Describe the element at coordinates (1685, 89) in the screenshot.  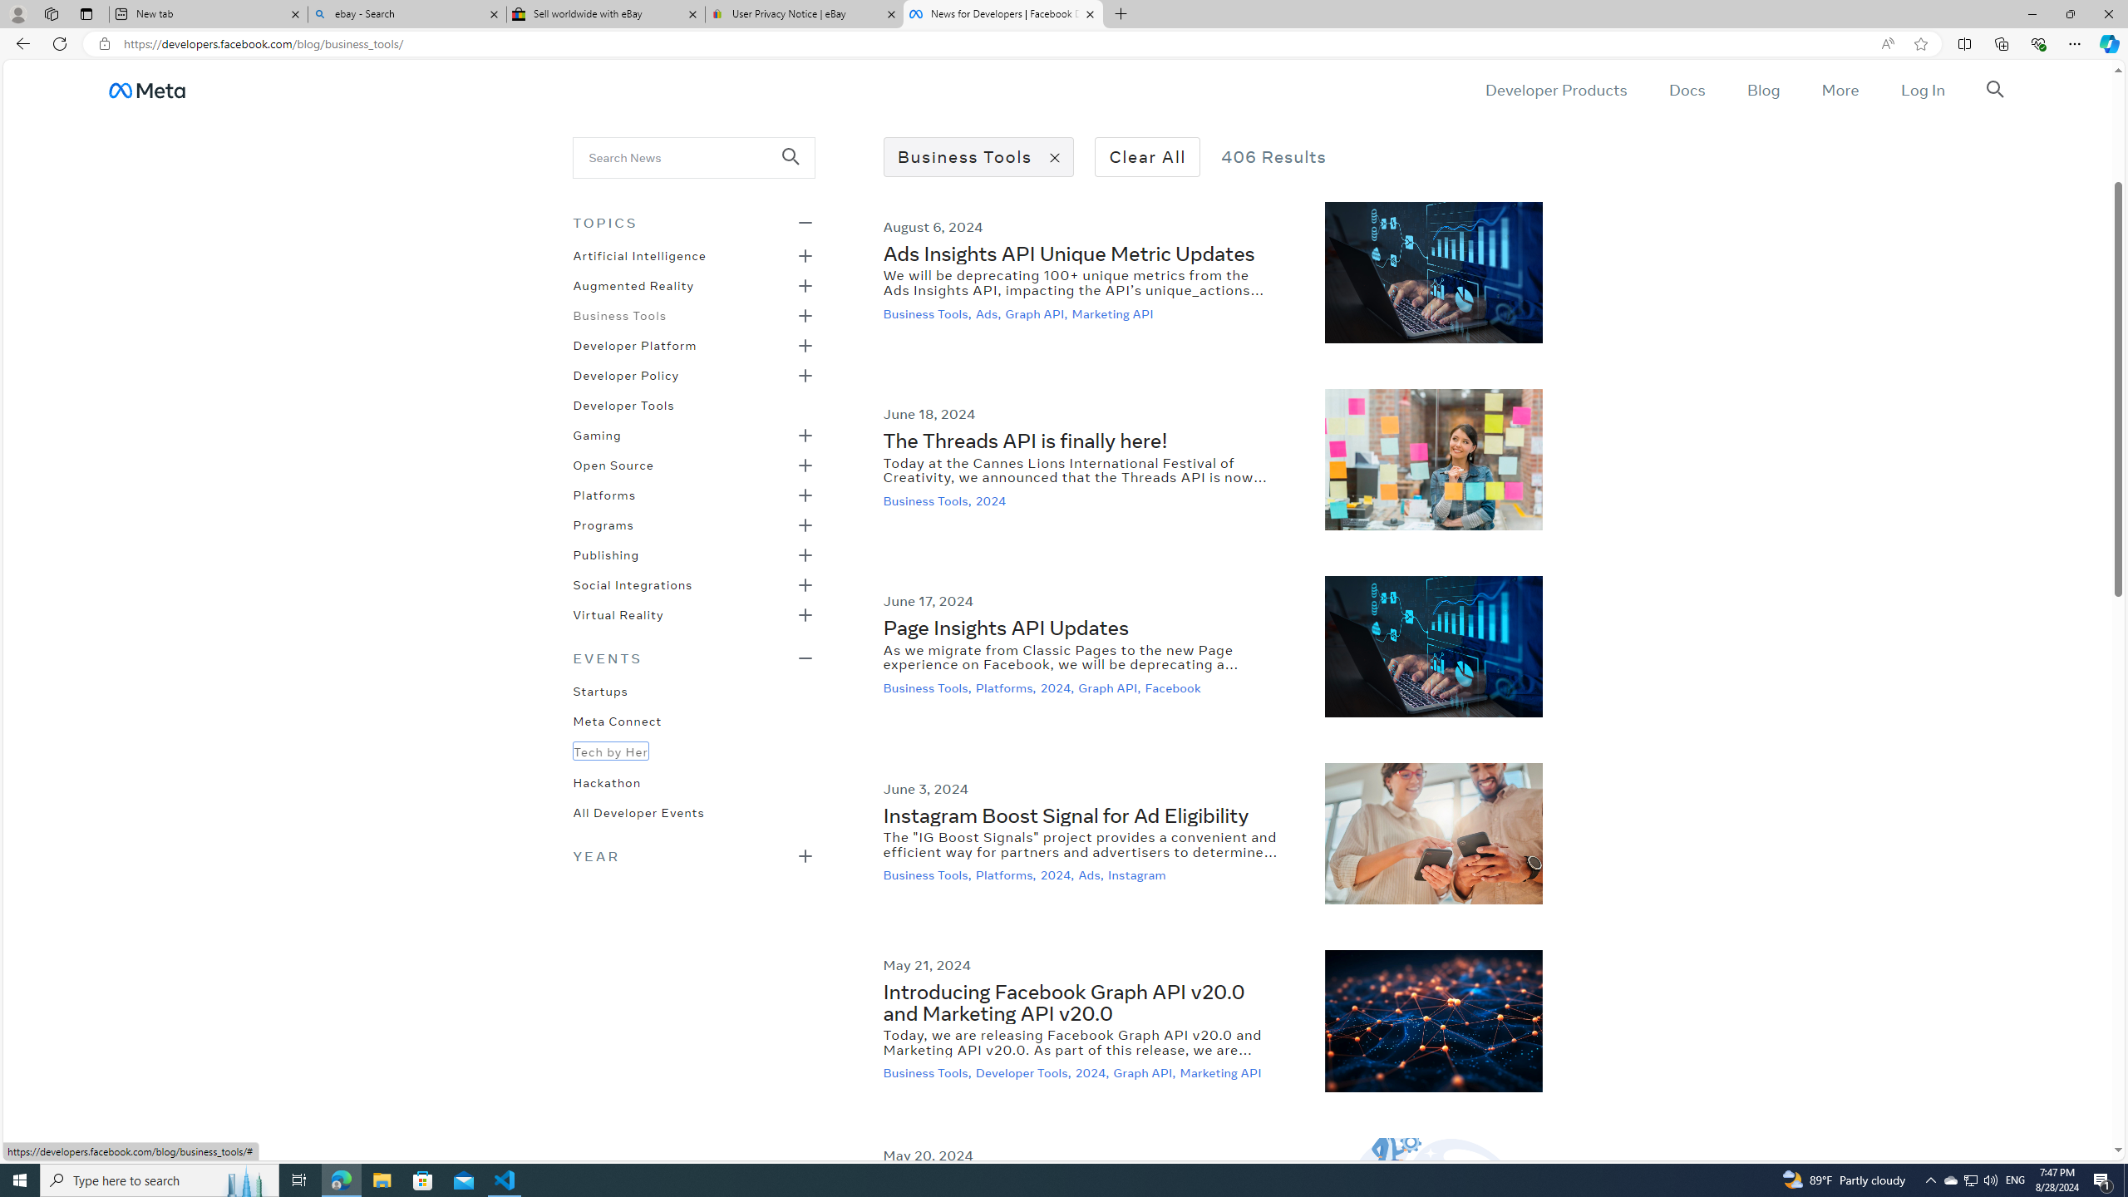
I see `'Docs'` at that location.